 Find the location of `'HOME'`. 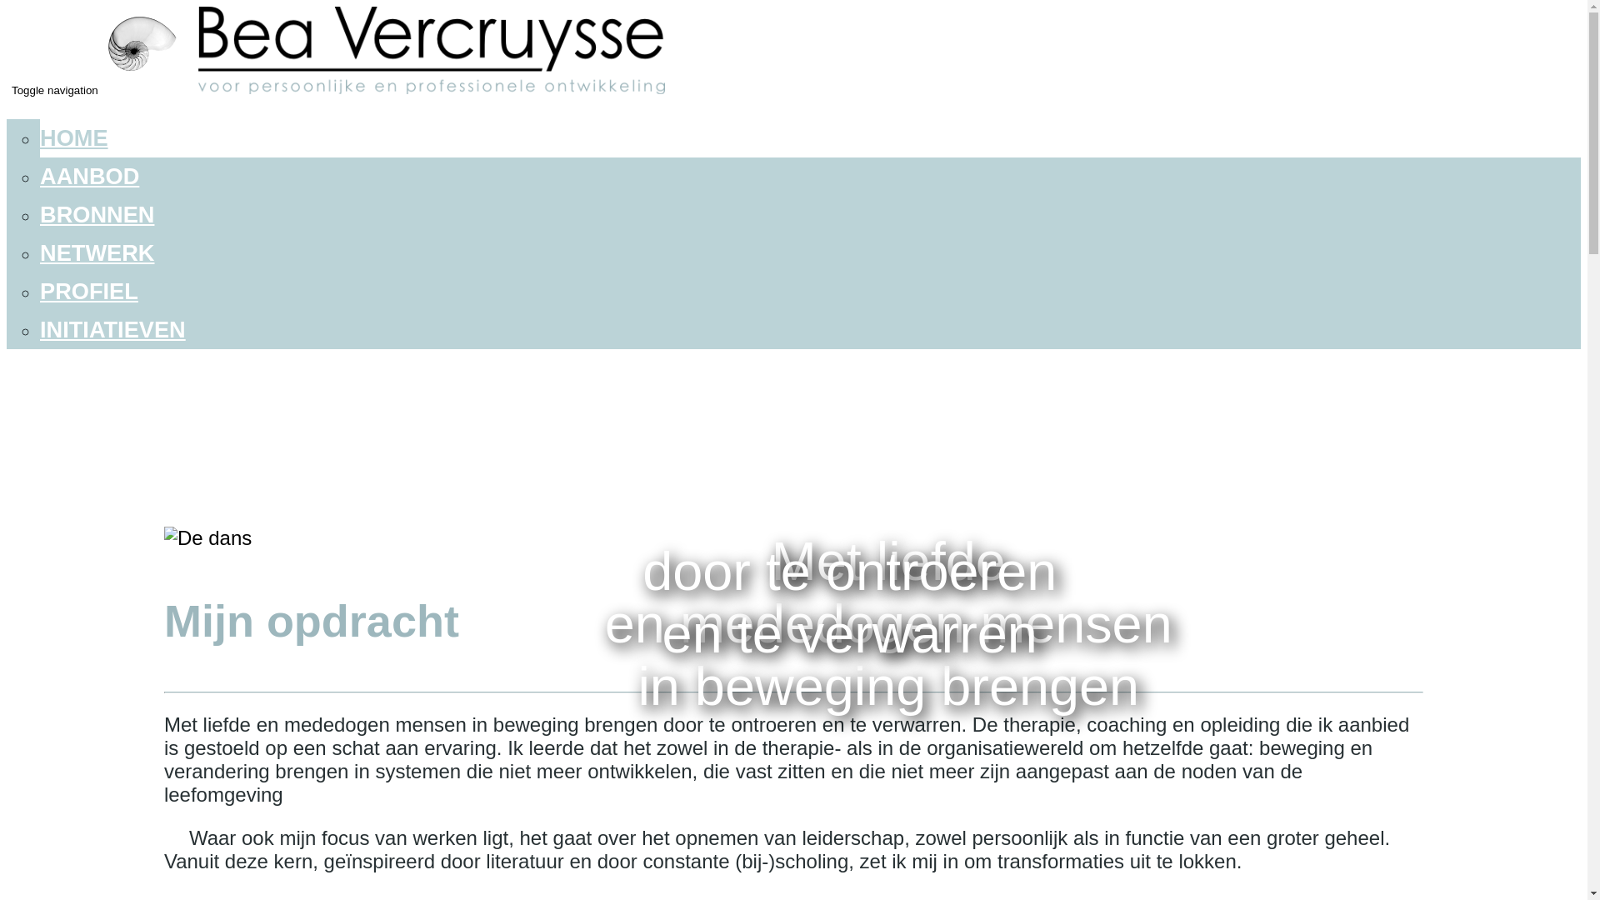

'HOME' is located at coordinates (40, 137).